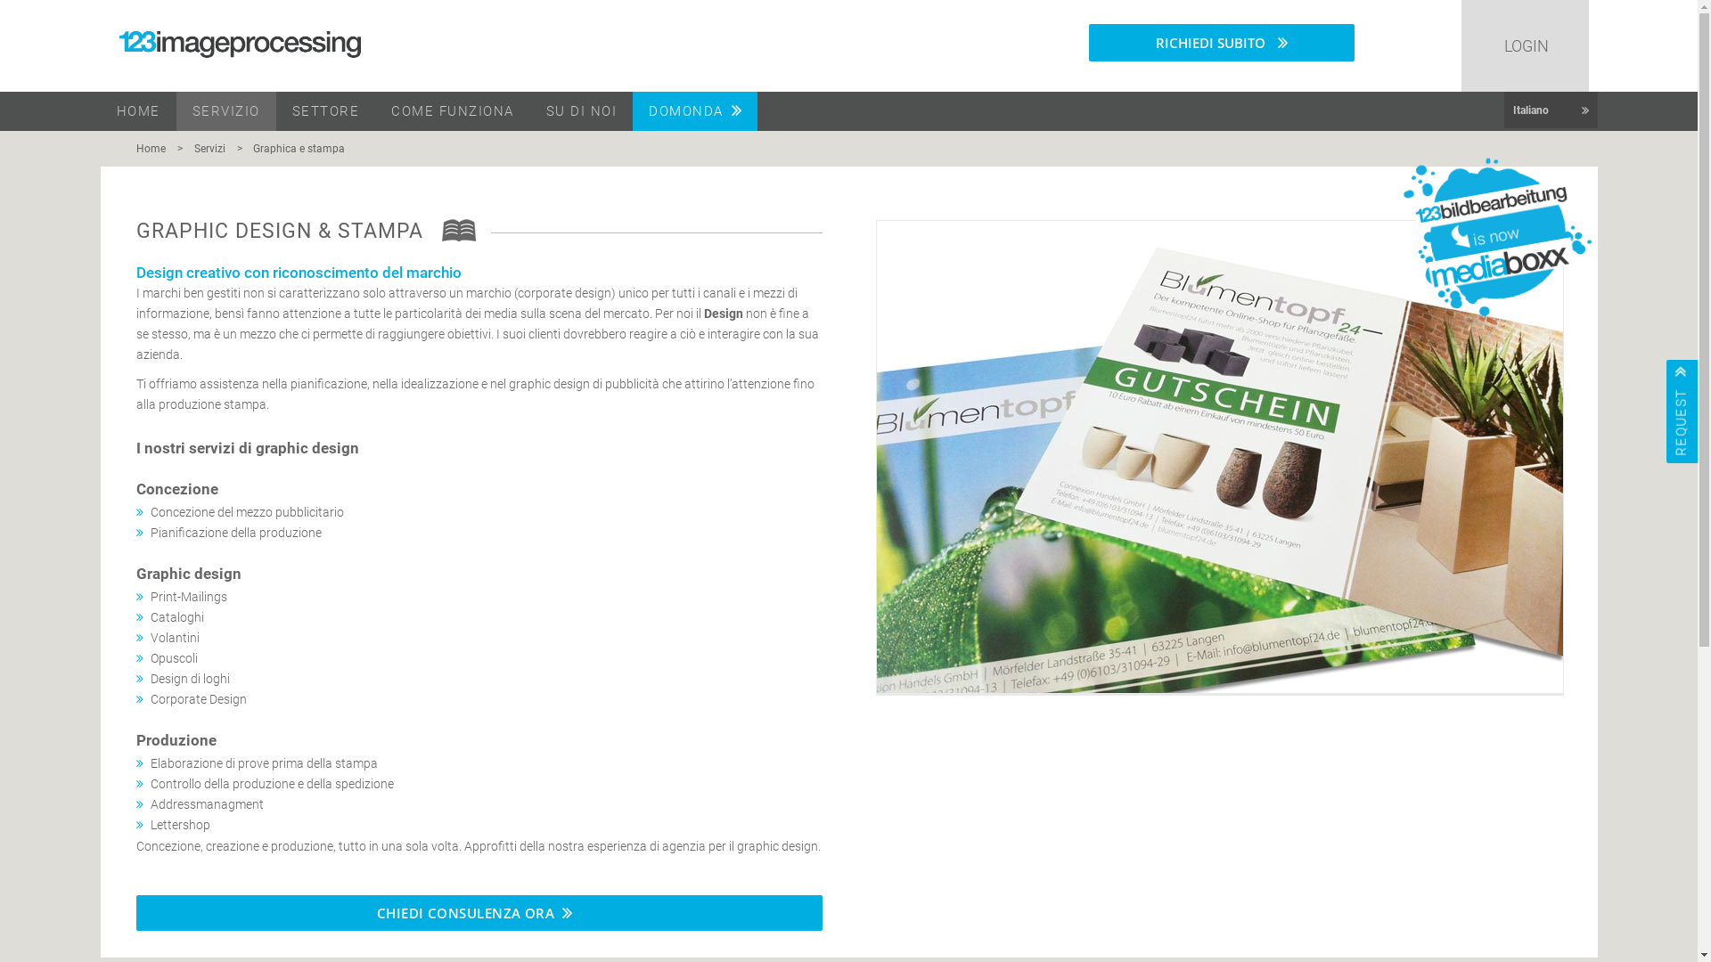 This screenshot has width=1711, height=962. I want to click on 'SETTORE', so click(325, 110).